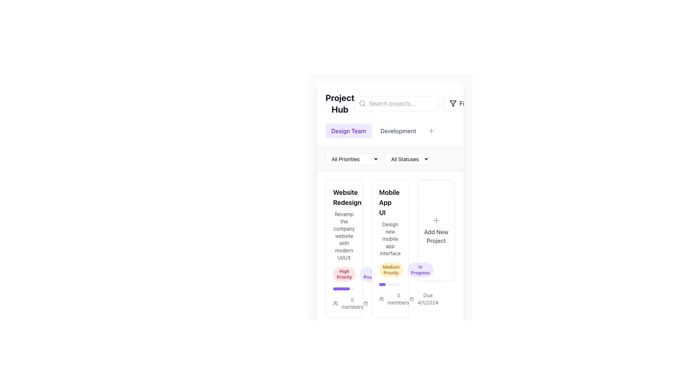 This screenshot has height=391, width=696. I want to click on the Project Information Card, which is the first card in the grid layout displaying project details such as title, description, and deadline, so click(344, 248).